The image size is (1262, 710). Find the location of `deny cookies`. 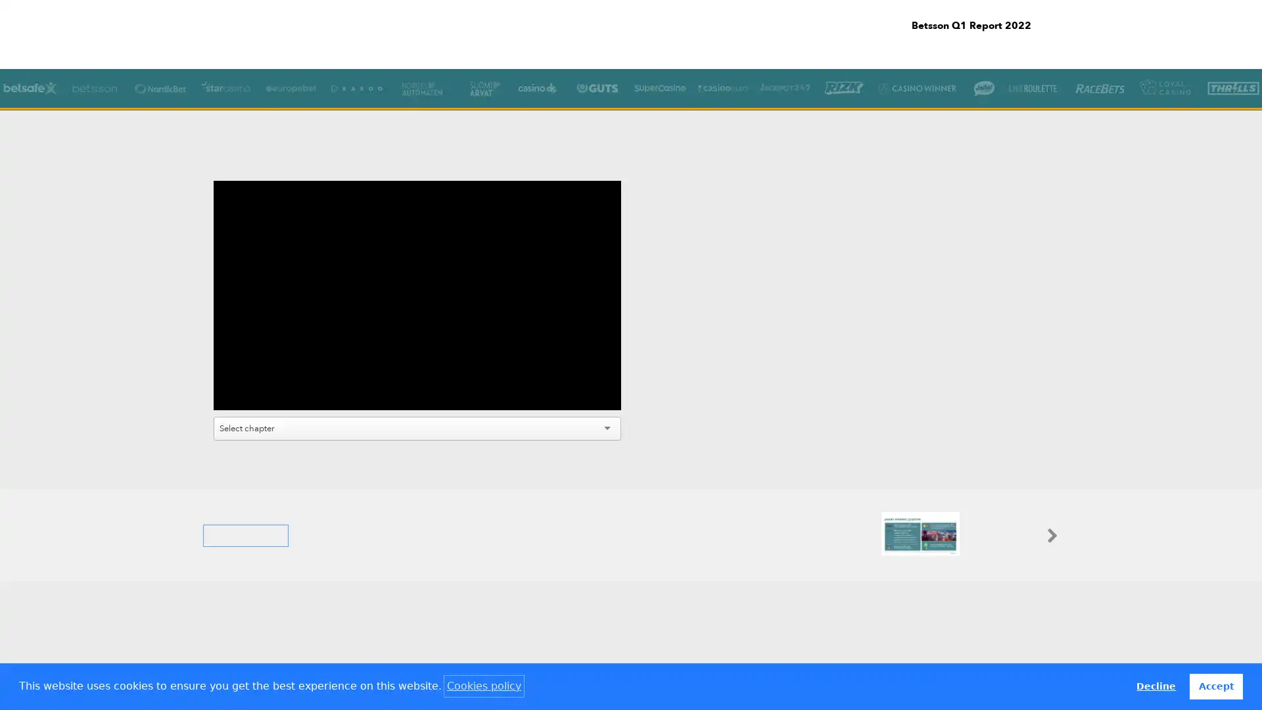

deny cookies is located at coordinates (1155, 686).